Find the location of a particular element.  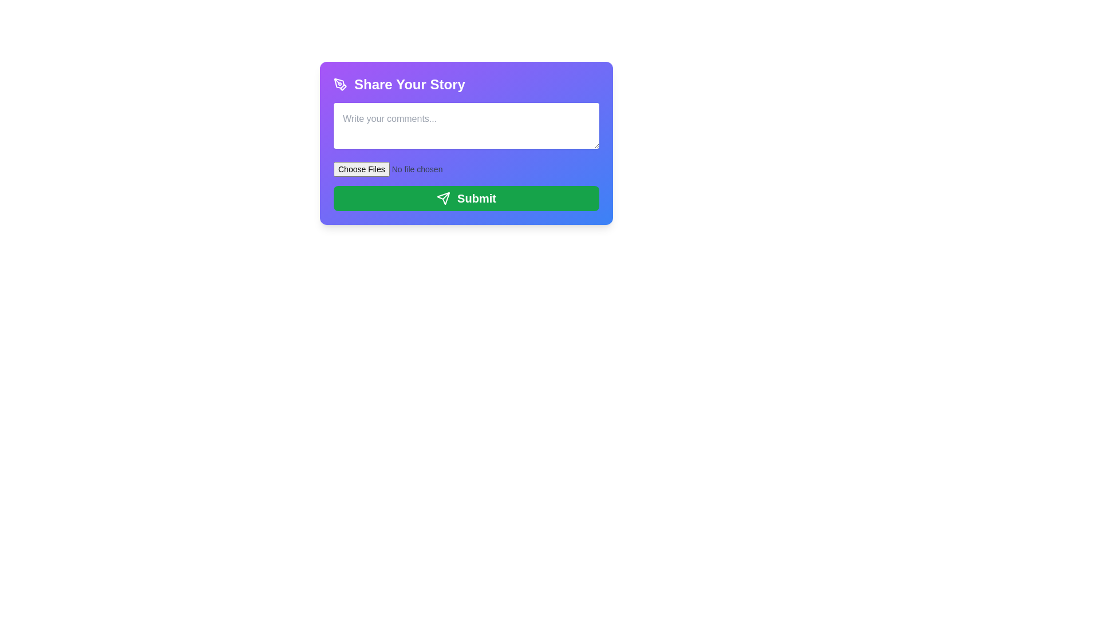

the text within the rectangular text input field located below the 'Share Your Story' header and above the 'Choose File' section is located at coordinates (467, 125).